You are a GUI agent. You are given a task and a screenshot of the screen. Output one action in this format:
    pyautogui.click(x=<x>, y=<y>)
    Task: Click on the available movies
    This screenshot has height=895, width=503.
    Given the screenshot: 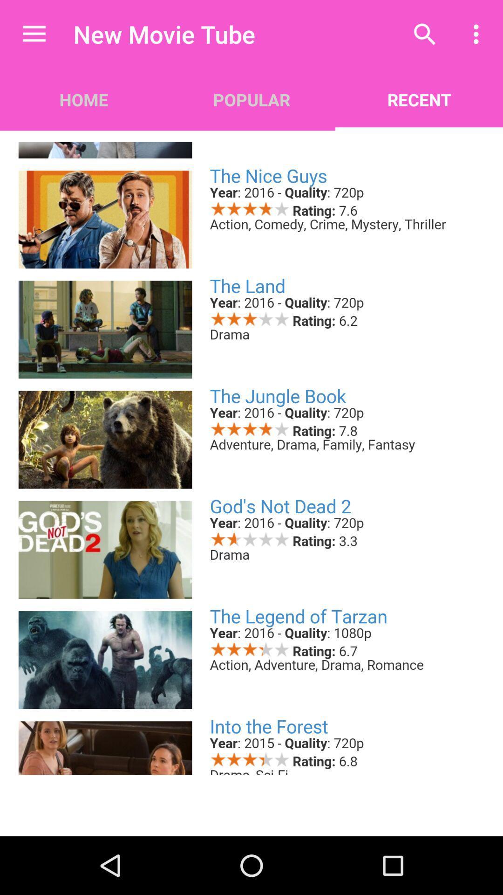 What is the action you would take?
    pyautogui.click(x=251, y=452)
    